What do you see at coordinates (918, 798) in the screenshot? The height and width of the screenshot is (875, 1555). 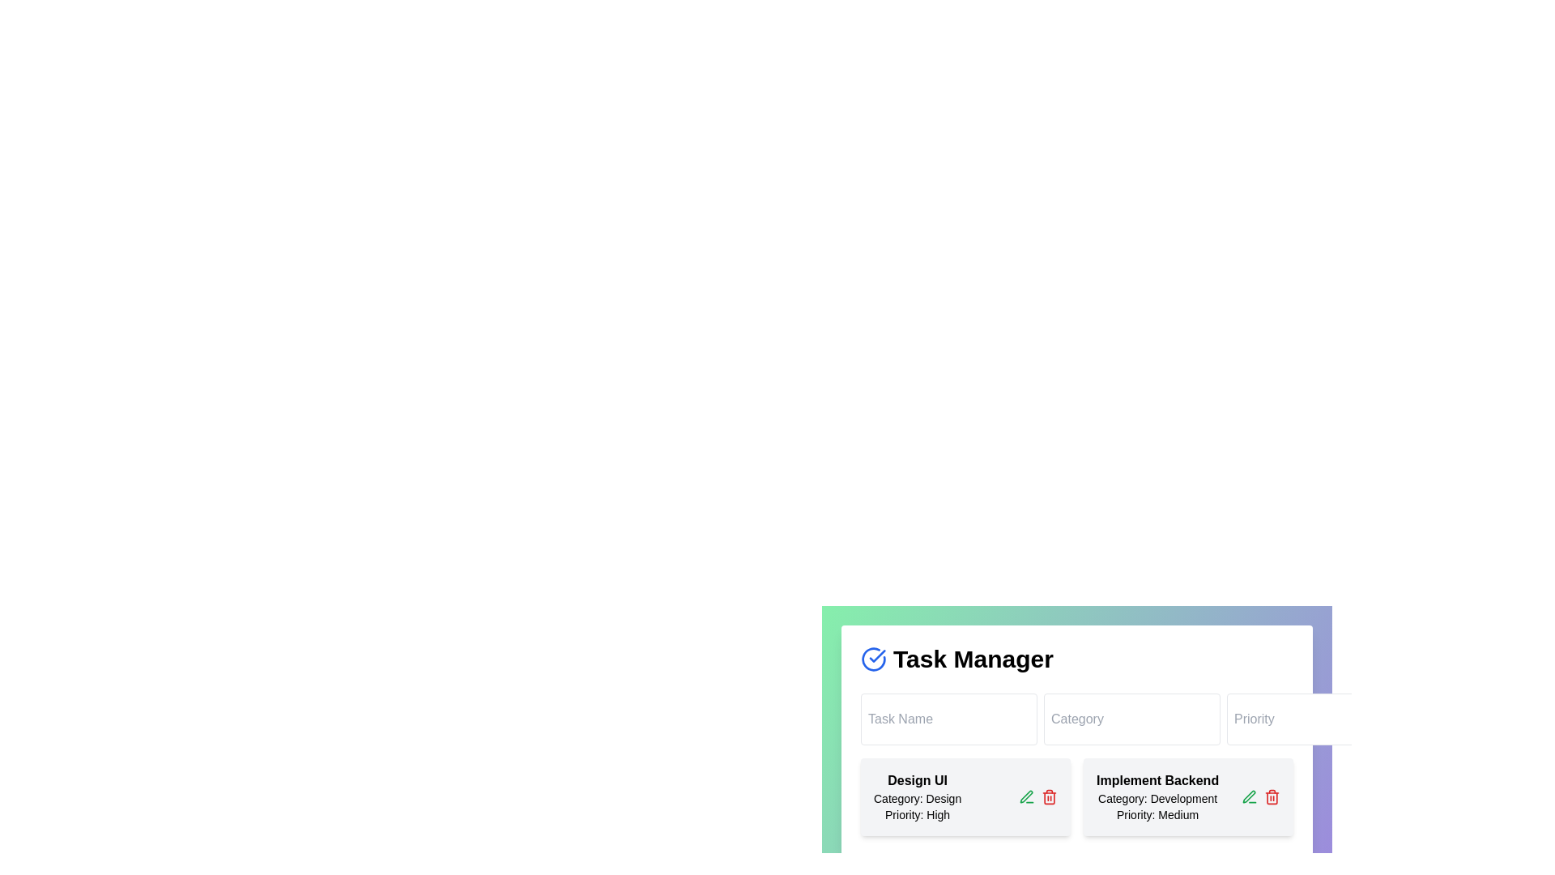 I see `the static text label that categorizes the task as 'Design' for the 'Design UI' task` at bounding box center [918, 798].